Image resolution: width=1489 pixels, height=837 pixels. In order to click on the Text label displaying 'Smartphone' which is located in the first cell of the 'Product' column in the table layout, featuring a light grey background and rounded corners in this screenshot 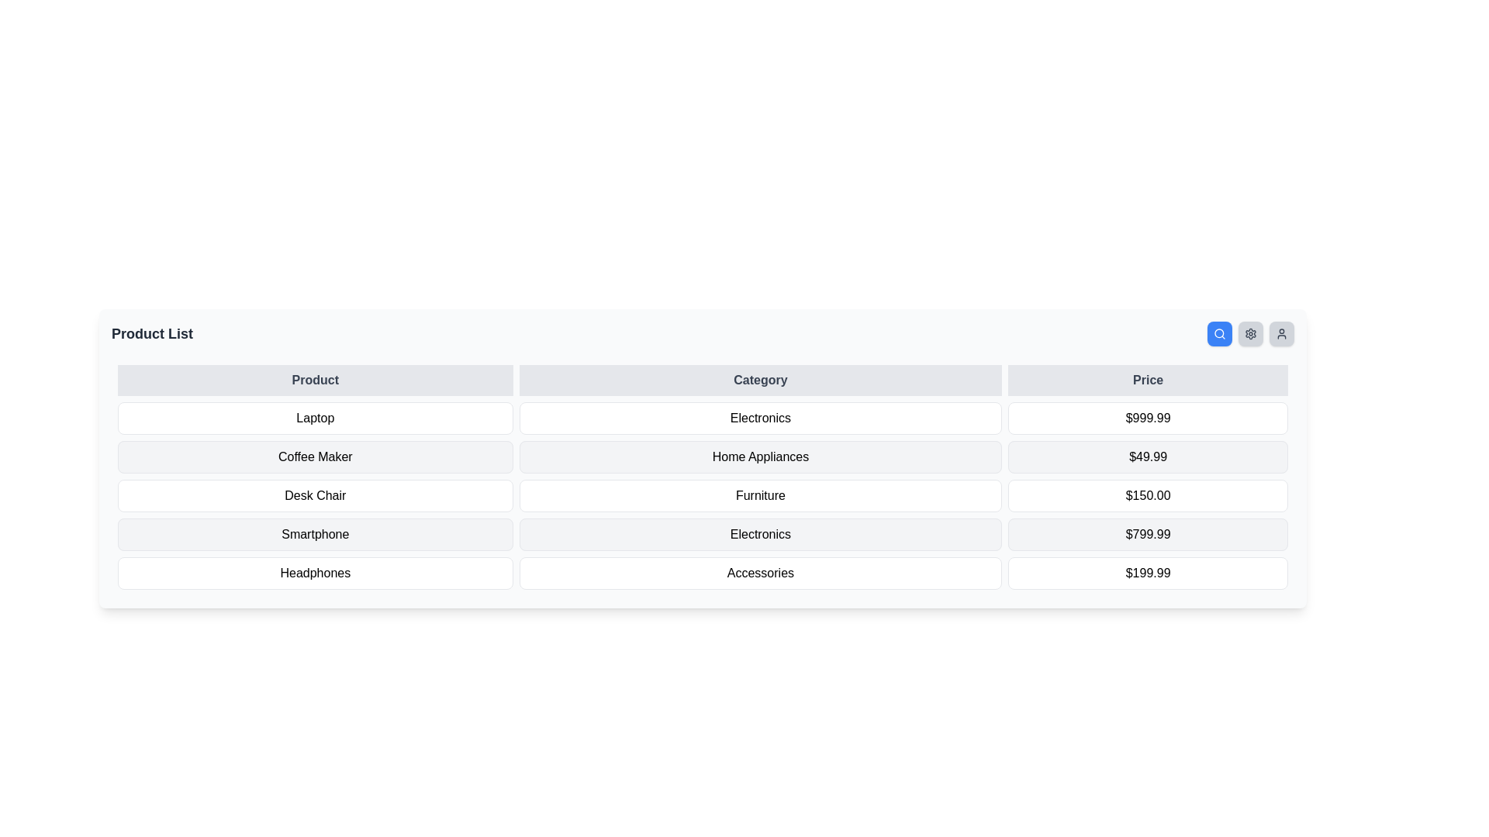, I will do `click(314, 534)`.